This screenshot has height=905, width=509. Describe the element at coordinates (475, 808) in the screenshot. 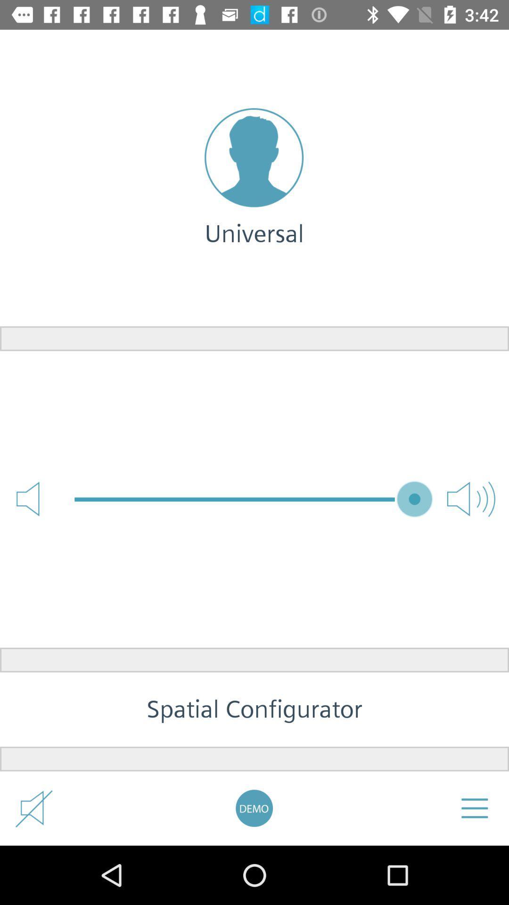

I see `the menu icon` at that location.